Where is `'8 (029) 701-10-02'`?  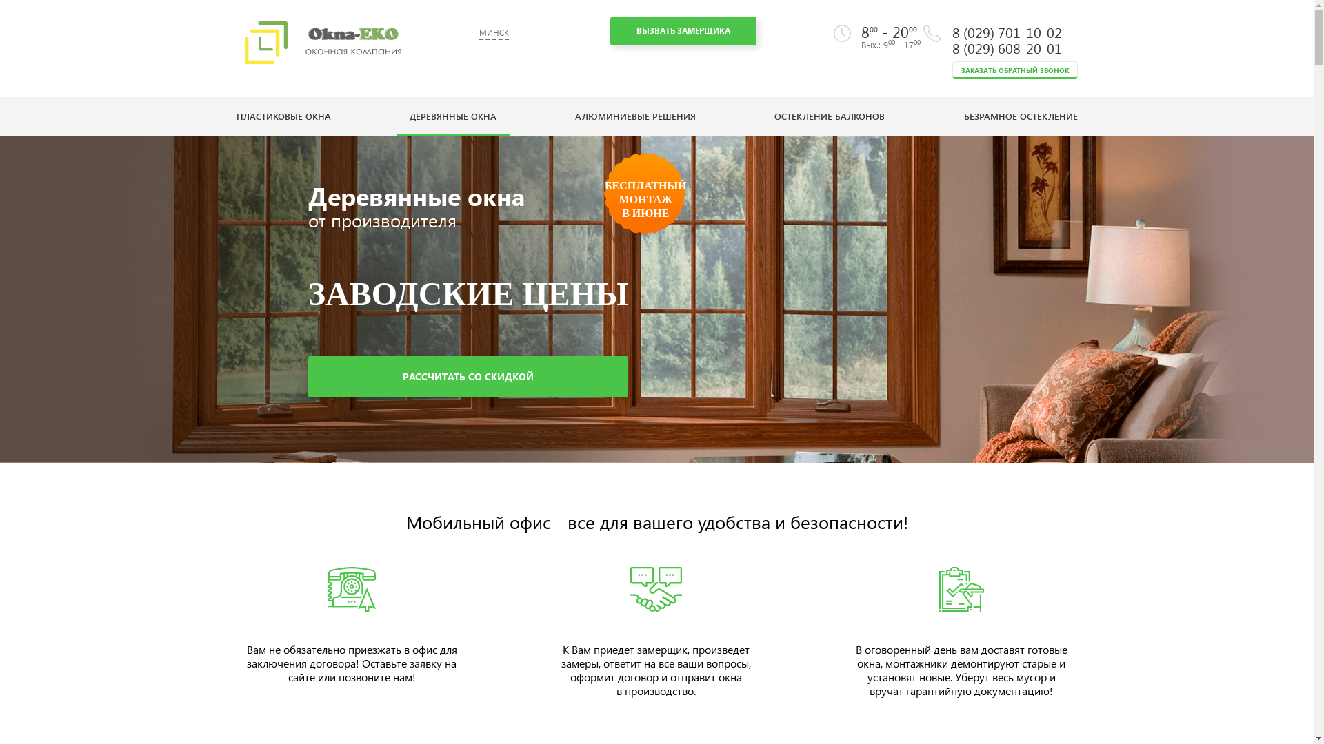 '8 (029) 701-10-02' is located at coordinates (1006, 31).